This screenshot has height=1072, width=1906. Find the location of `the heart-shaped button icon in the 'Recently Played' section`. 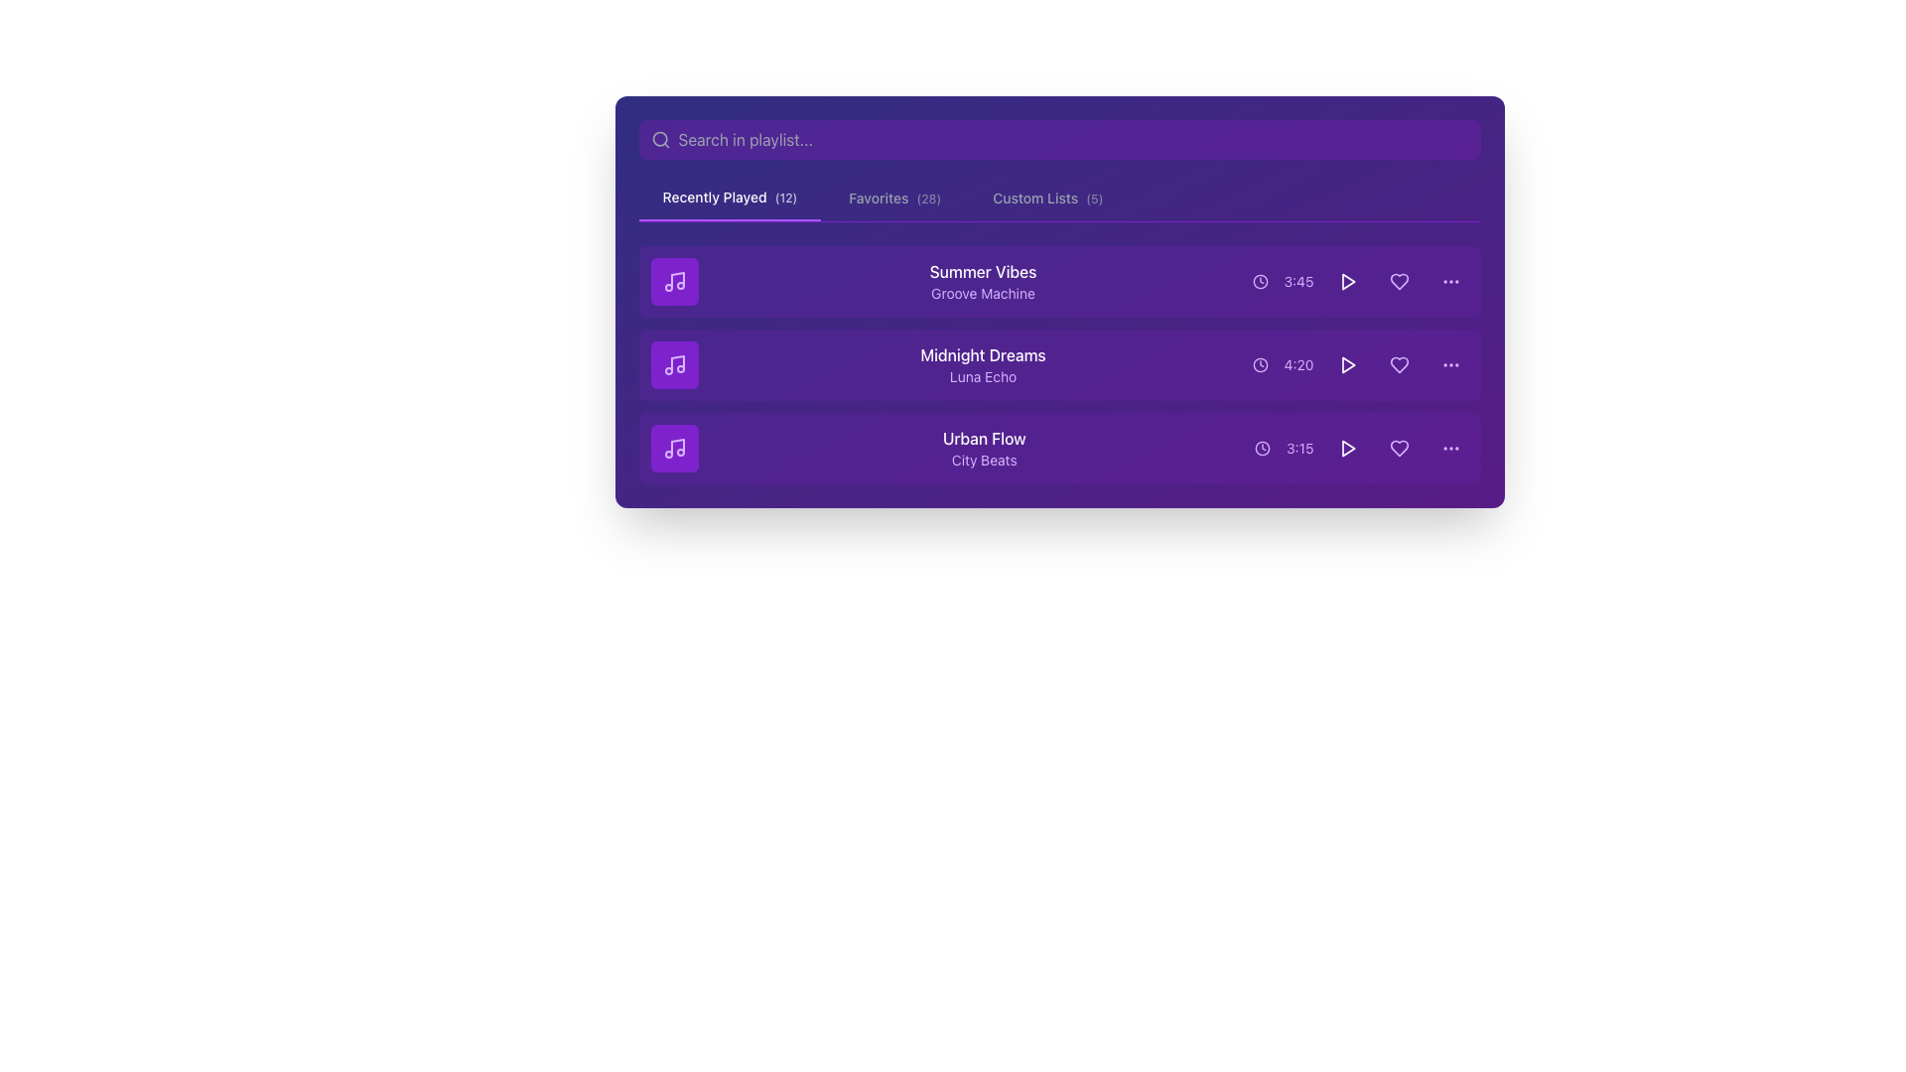

the heart-shaped button icon in the 'Recently Played' section is located at coordinates (1398, 282).